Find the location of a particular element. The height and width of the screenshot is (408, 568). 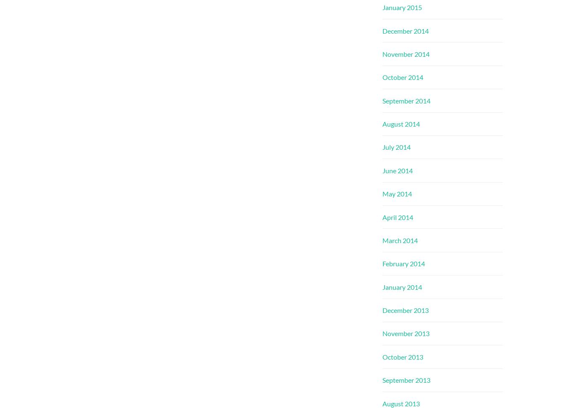

'January 2015' is located at coordinates (401, 7).